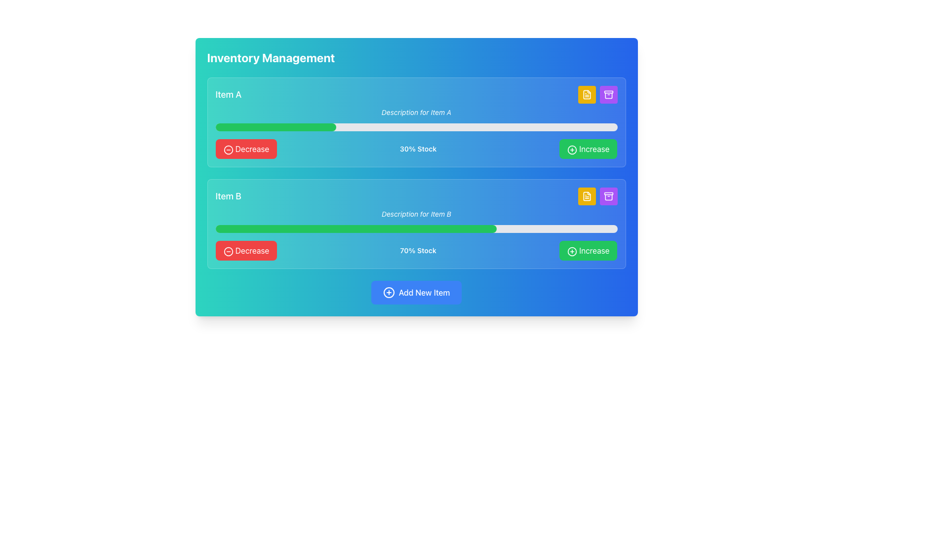 The height and width of the screenshot is (533, 948). I want to click on the circular icon within the red rectangular 'Decrease' button for 'Item A' to trigger a tooltip or visual response, so click(228, 150).